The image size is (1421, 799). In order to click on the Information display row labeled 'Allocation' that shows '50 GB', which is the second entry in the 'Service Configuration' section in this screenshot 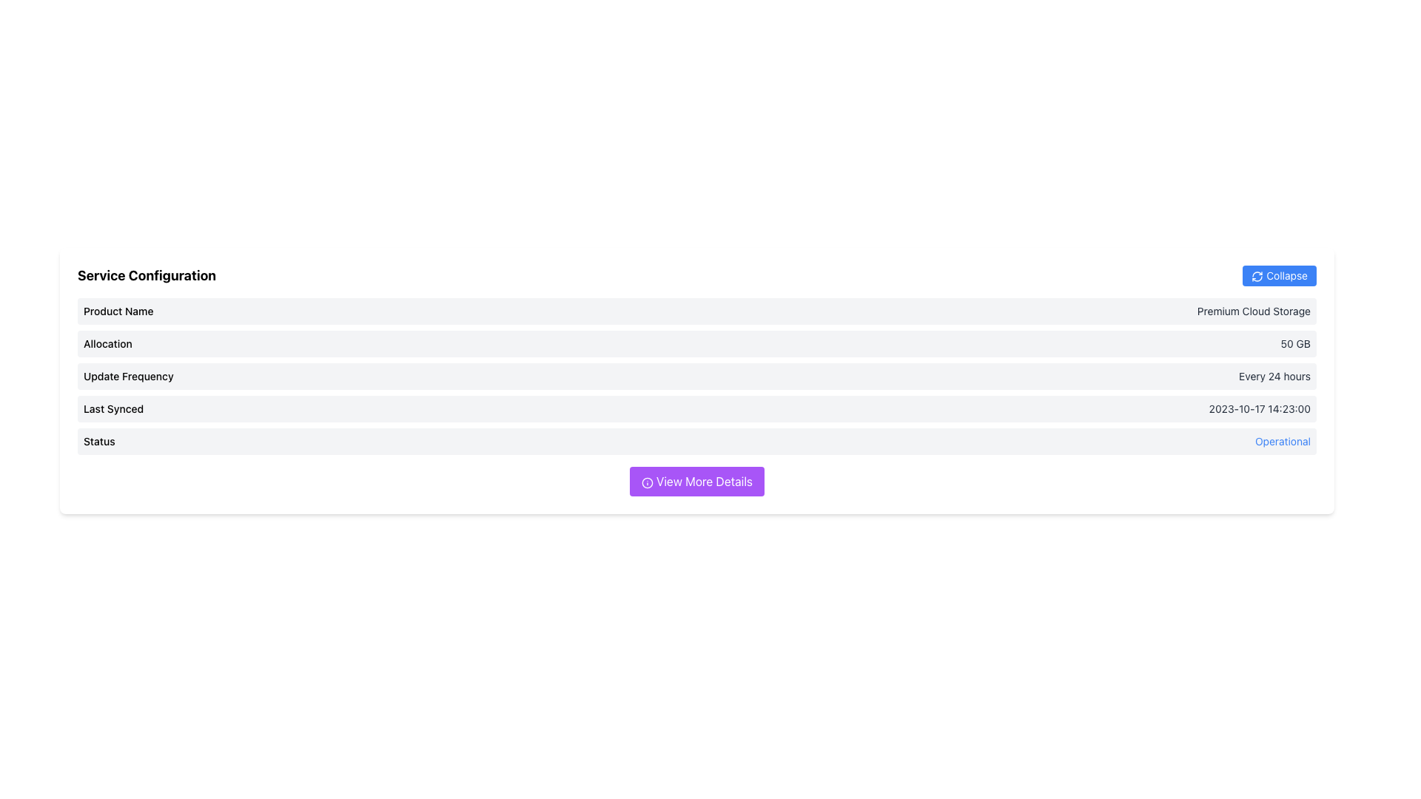, I will do `click(696, 344)`.